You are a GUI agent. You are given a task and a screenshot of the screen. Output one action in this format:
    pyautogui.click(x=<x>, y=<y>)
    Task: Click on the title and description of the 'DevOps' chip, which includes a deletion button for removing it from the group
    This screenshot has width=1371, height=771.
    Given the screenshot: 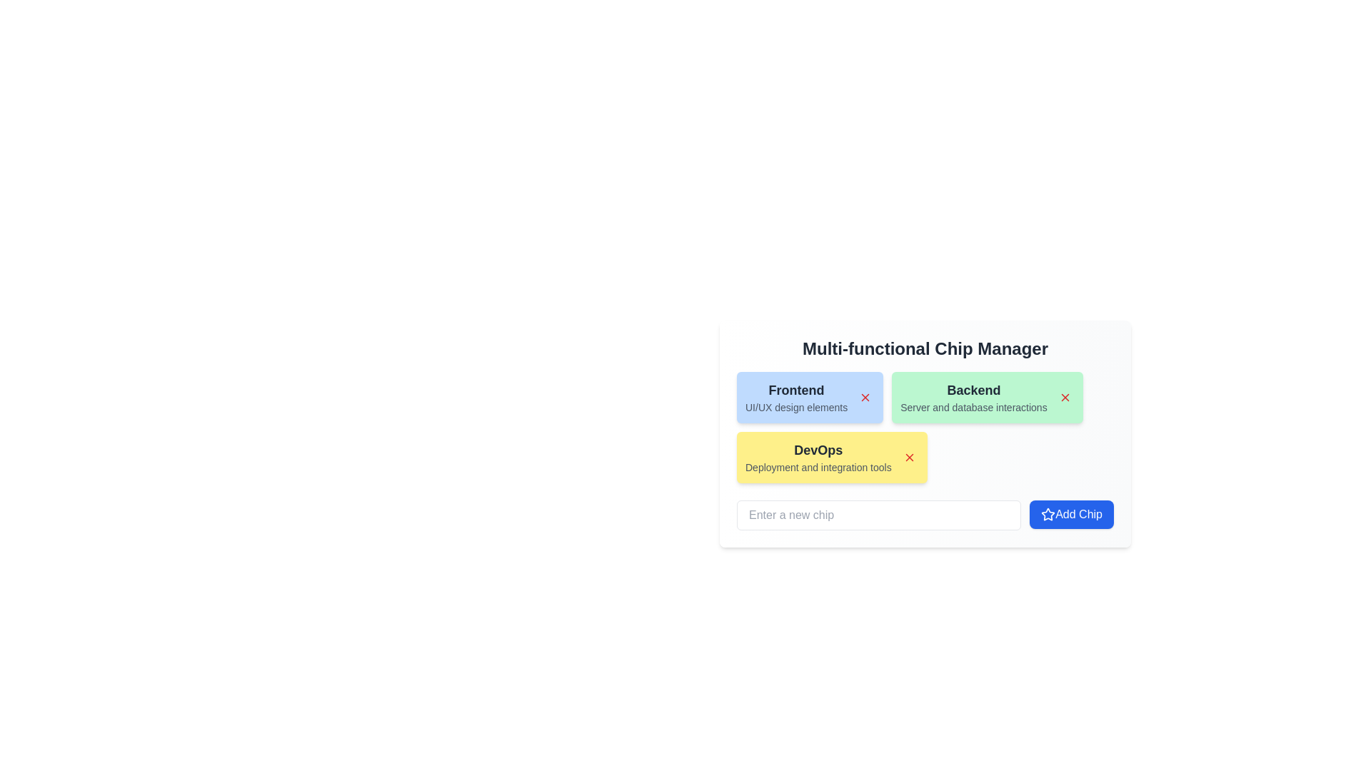 What is the action you would take?
    pyautogui.click(x=832, y=457)
    